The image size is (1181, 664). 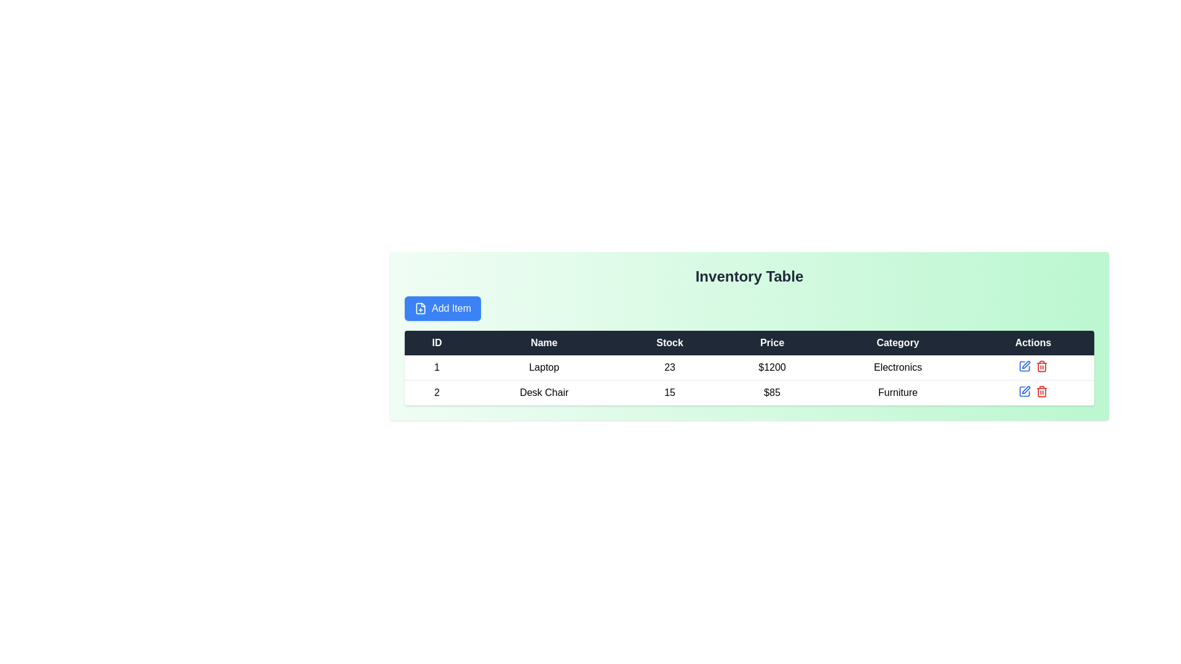 I want to click on text in the table cell containing the word 'Furniture' located in the fourth cell of the second row in the inventory table, so click(x=897, y=393).